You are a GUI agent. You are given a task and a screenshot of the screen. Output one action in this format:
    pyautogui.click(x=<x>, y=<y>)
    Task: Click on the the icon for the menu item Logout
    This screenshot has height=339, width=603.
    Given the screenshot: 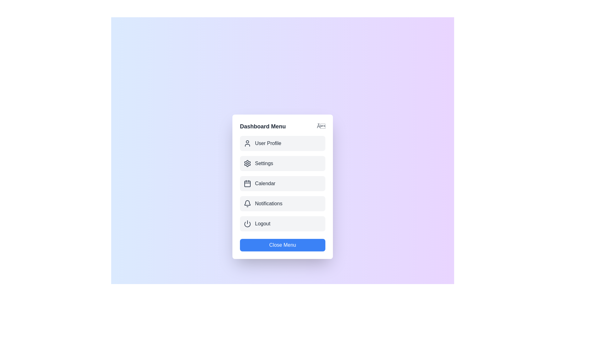 What is the action you would take?
    pyautogui.click(x=247, y=223)
    